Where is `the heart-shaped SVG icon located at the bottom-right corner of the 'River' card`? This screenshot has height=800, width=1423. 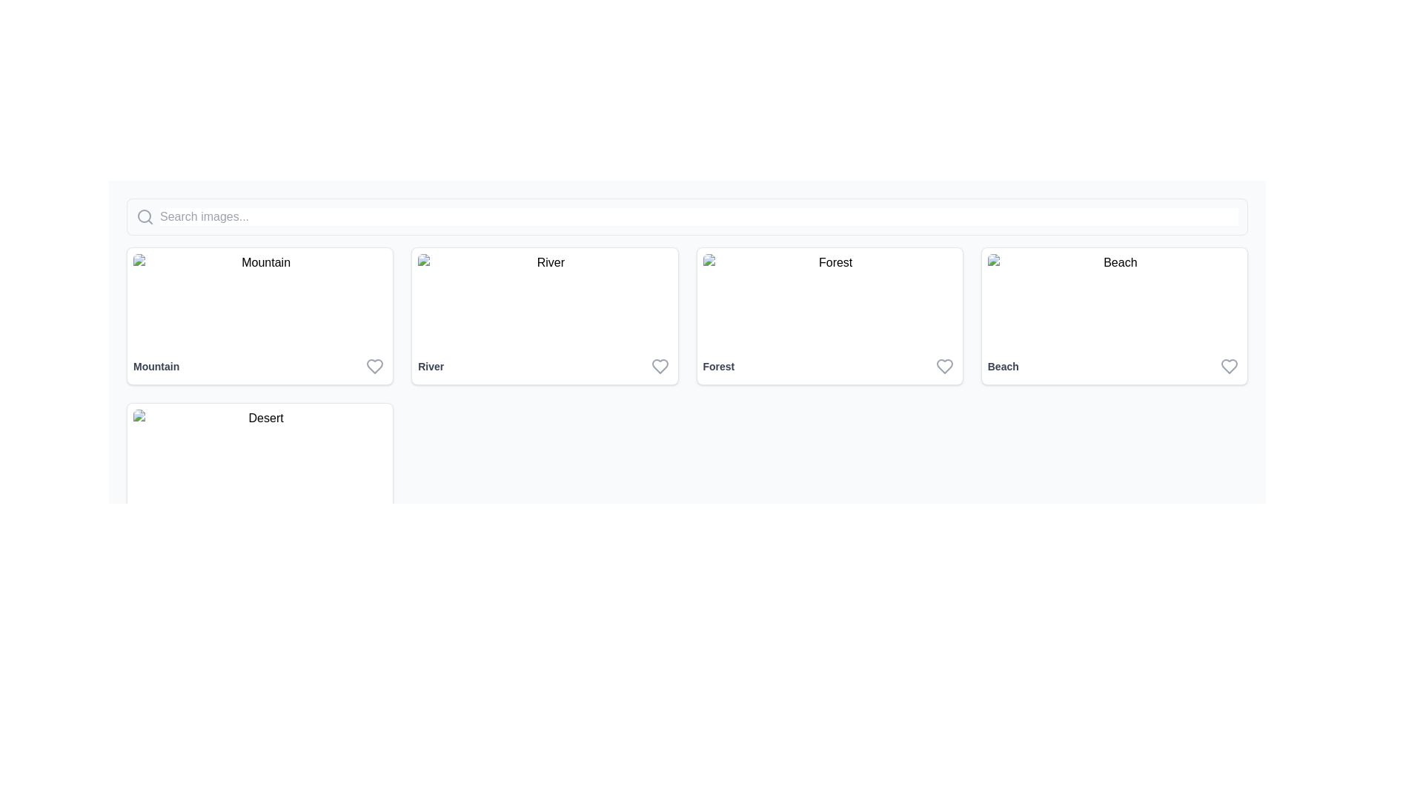 the heart-shaped SVG icon located at the bottom-right corner of the 'River' card is located at coordinates (659, 366).